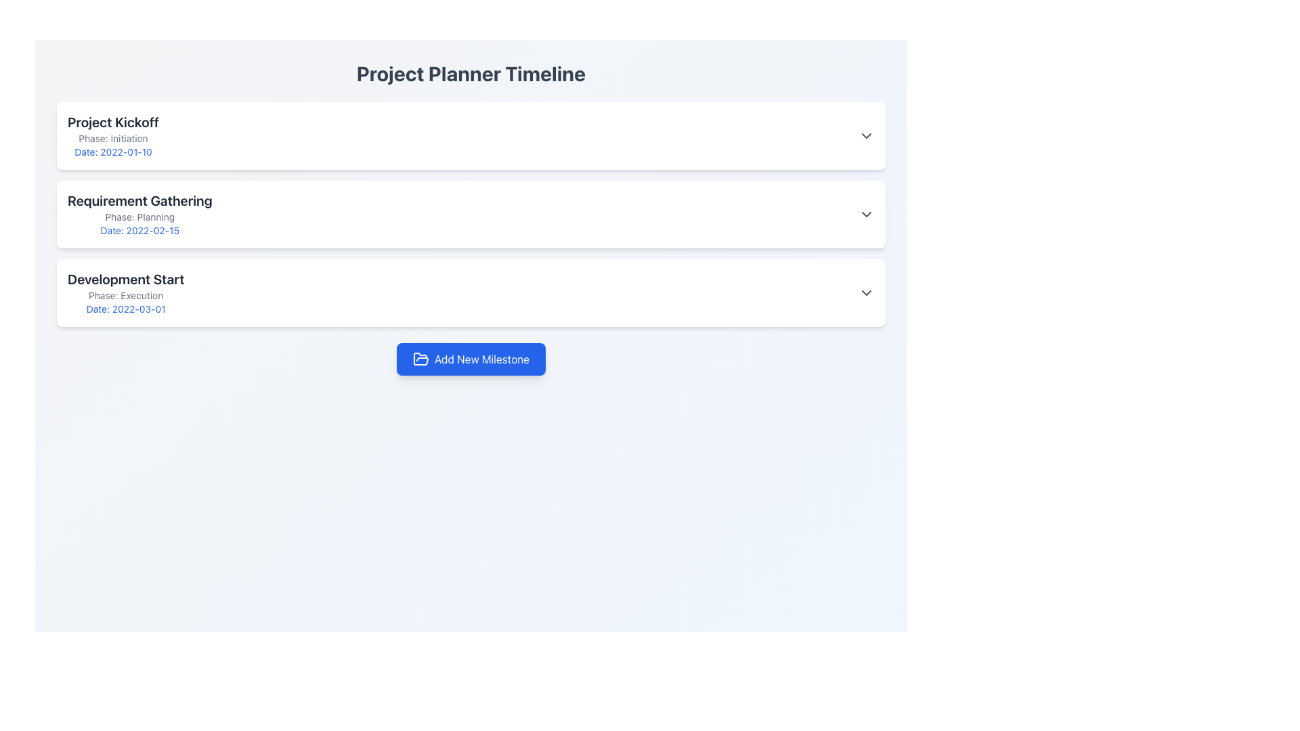 This screenshot has height=731, width=1300. Describe the element at coordinates (113, 138) in the screenshot. I see `the text label indicating the current phase ('Initiation') of the 'Project Kickoff', located in the upper part of the interface within the first card, below its title and above the 'Date: 2022-01-10'` at that location.